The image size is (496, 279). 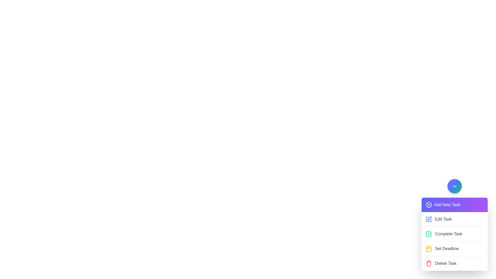 What do you see at coordinates (455, 219) in the screenshot?
I see `the 'Edit Task' button located` at bounding box center [455, 219].